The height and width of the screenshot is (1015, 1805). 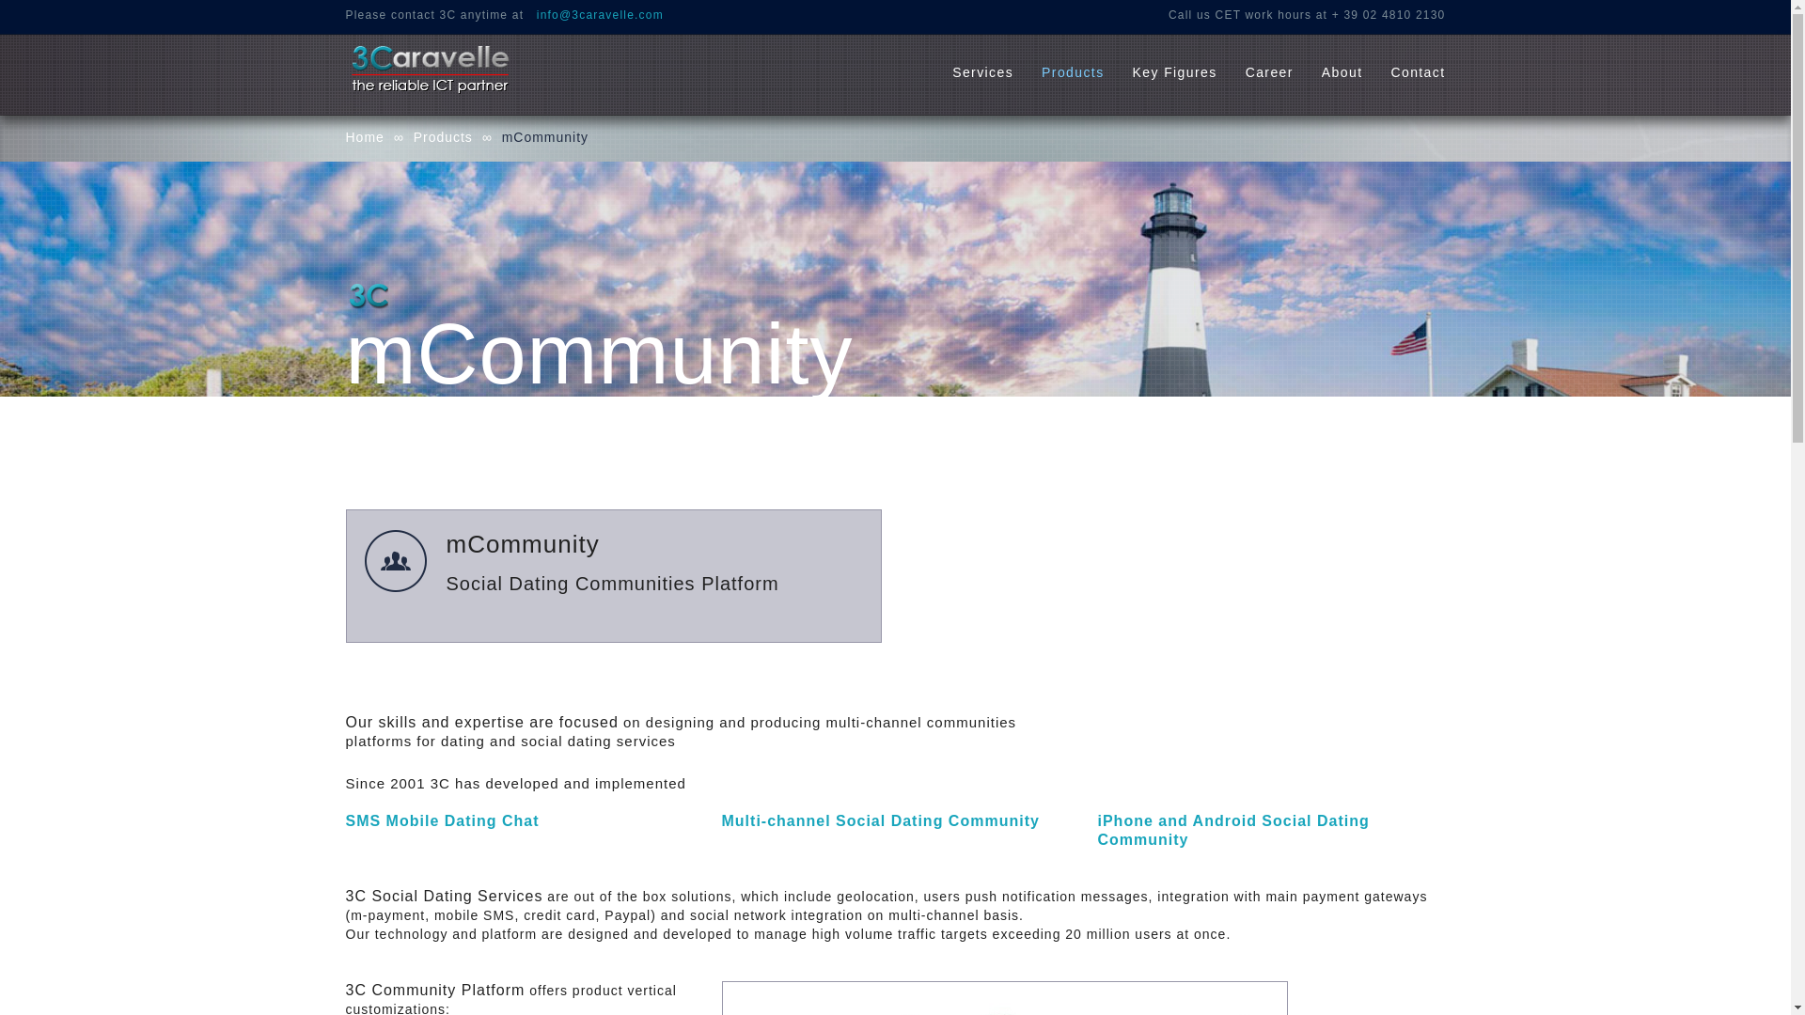 What do you see at coordinates (599, 14) in the screenshot?
I see `'info@3caravelle.com'` at bounding box center [599, 14].